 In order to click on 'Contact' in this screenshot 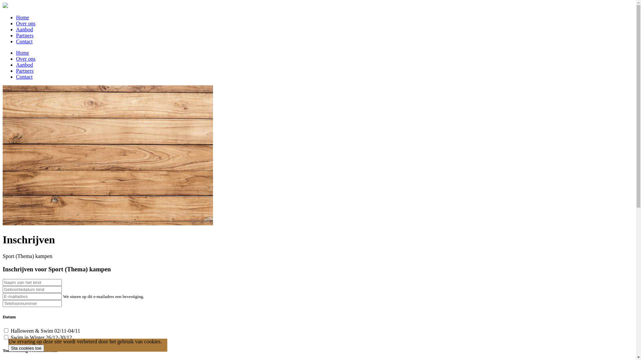, I will do `click(24, 76)`.